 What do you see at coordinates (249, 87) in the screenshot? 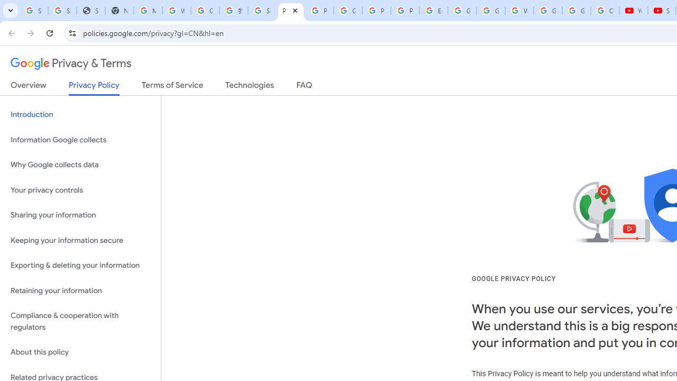
I see `'Technologies'` at bounding box center [249, 87].